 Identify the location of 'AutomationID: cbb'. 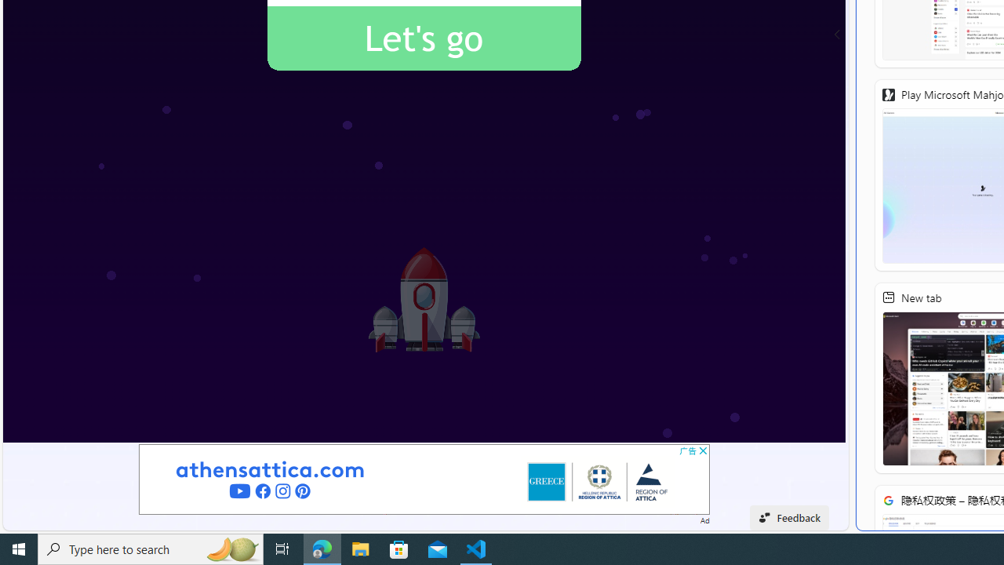
(702, 450).